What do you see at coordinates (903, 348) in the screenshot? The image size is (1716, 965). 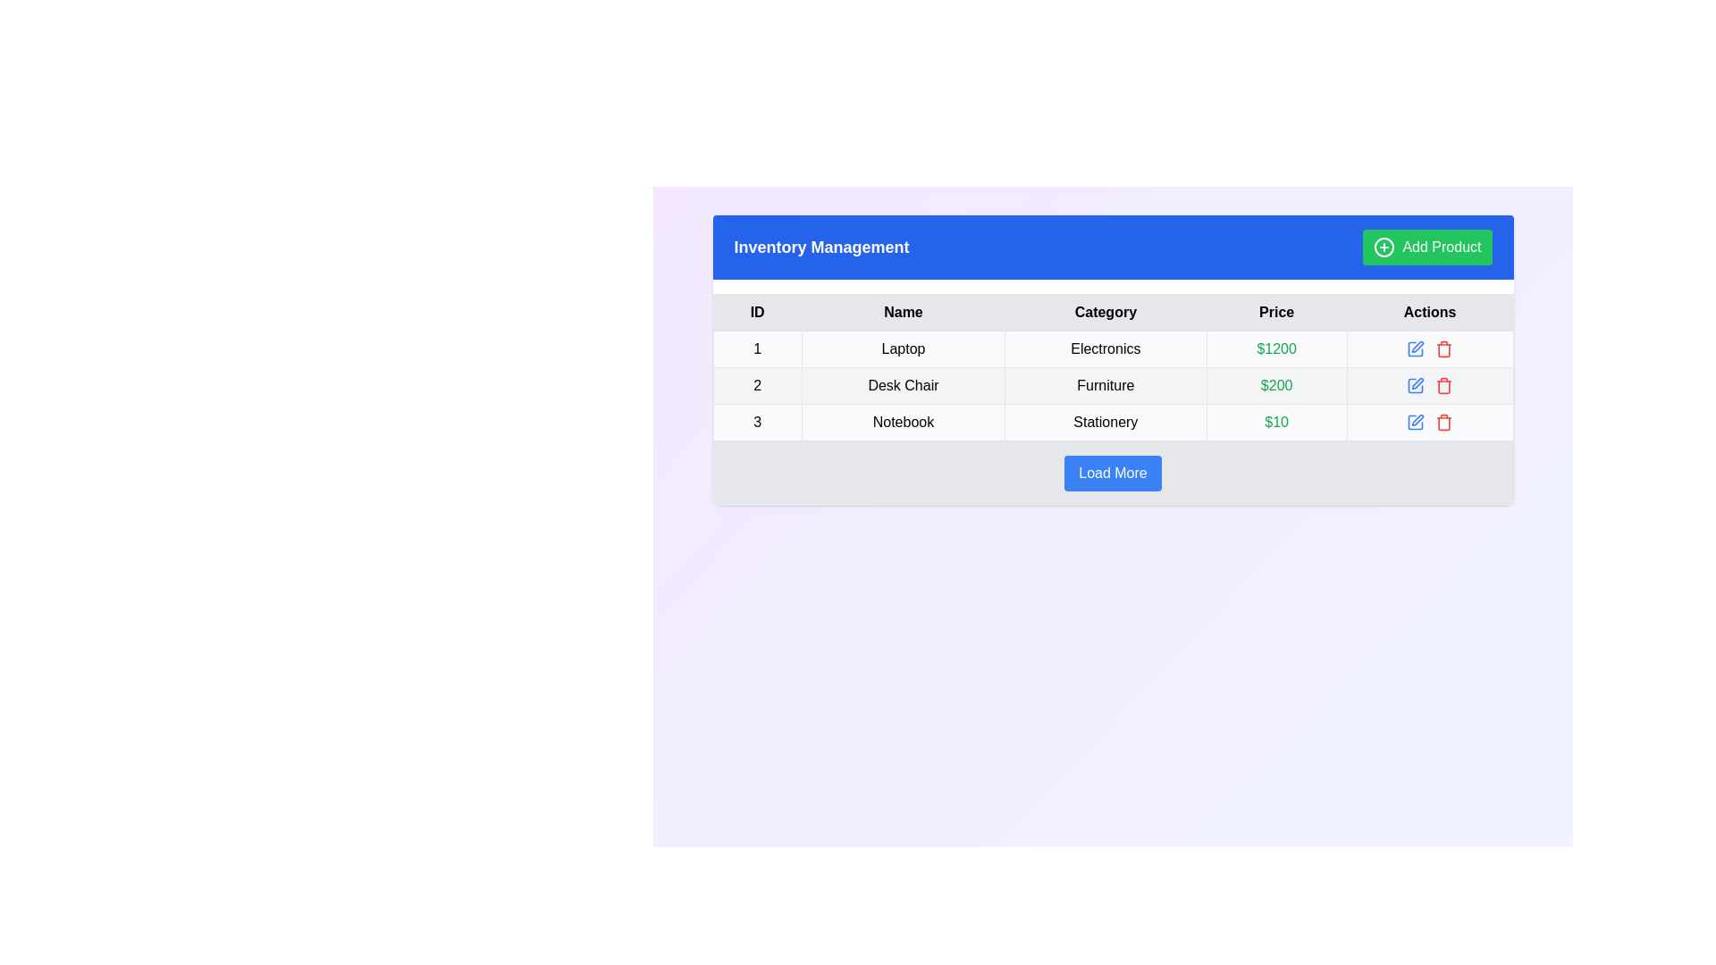 I see `the text element displaying 'Laptop', which is styled in black on a white background, located under the 'Name' header in the table structure, and perform a text selection action` at bounding box center [903, 348].